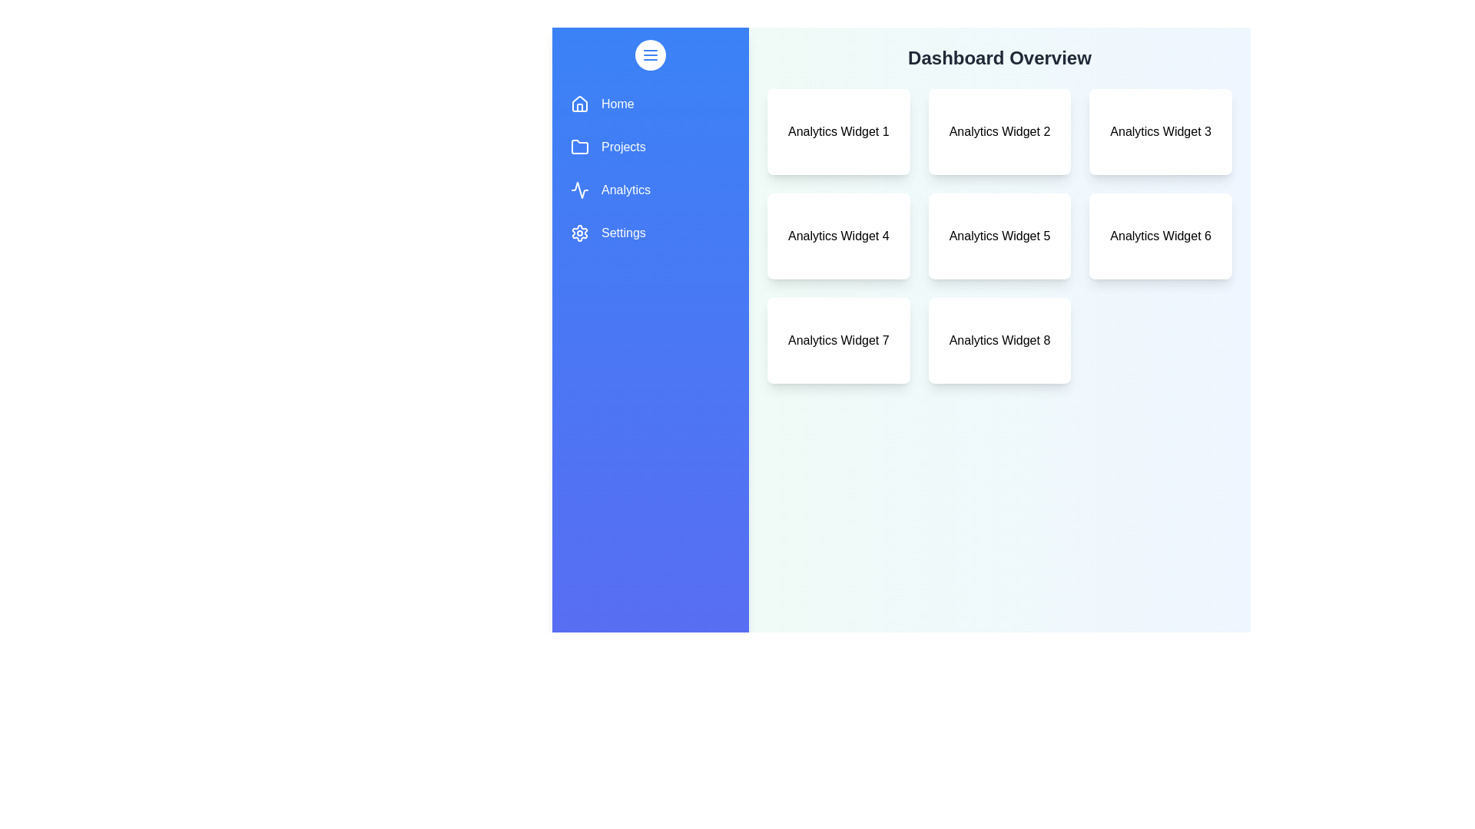 The image size is (1475, 829). Describe the element at coordinates (650, 104) in the screenshot. I see `the menu item Home to observe the hover effect` at that location.